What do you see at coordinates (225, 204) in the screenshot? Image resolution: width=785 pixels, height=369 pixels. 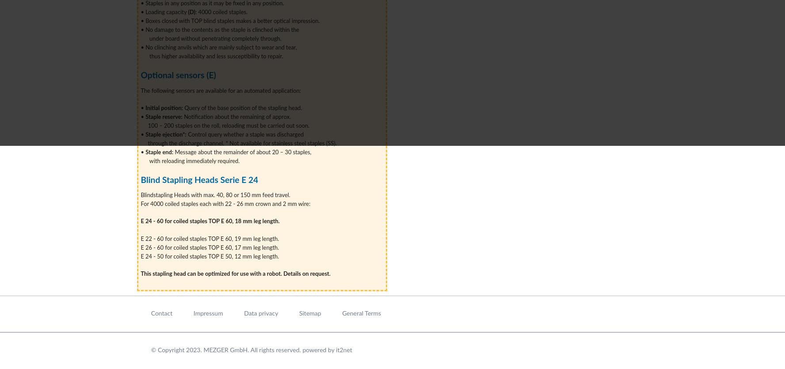 I see `'For 4000 coiled staples each with 22 - 26 mm crown and 2 mm wire:'` at bounding box center [225, 204].